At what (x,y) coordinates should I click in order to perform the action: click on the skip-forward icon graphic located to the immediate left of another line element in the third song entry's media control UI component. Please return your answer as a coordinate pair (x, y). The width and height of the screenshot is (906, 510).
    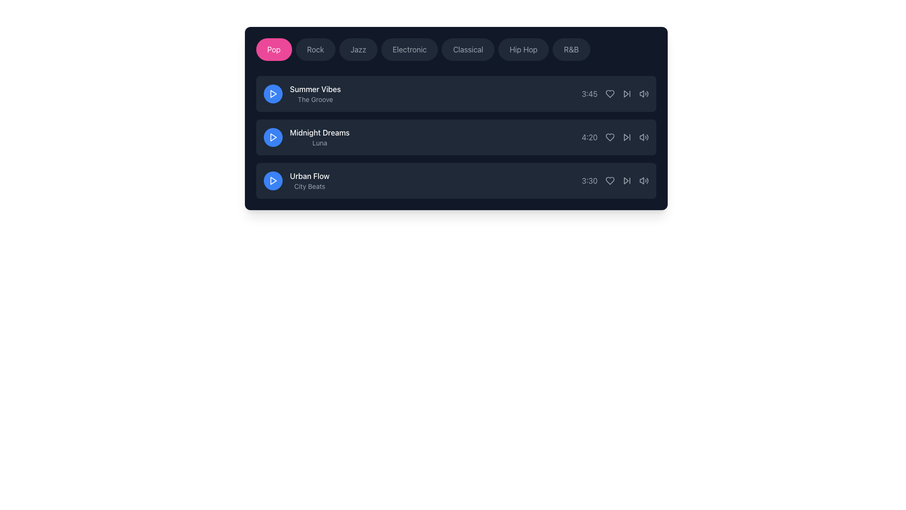
    Looking at the image, I should click on (626, 180).